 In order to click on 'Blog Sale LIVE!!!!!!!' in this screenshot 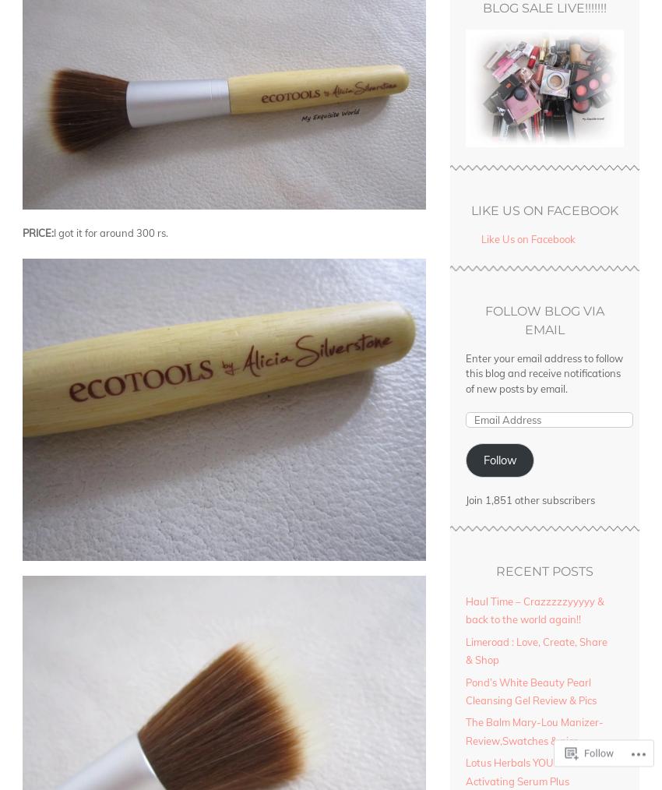, I will do `click(543, 6)`.